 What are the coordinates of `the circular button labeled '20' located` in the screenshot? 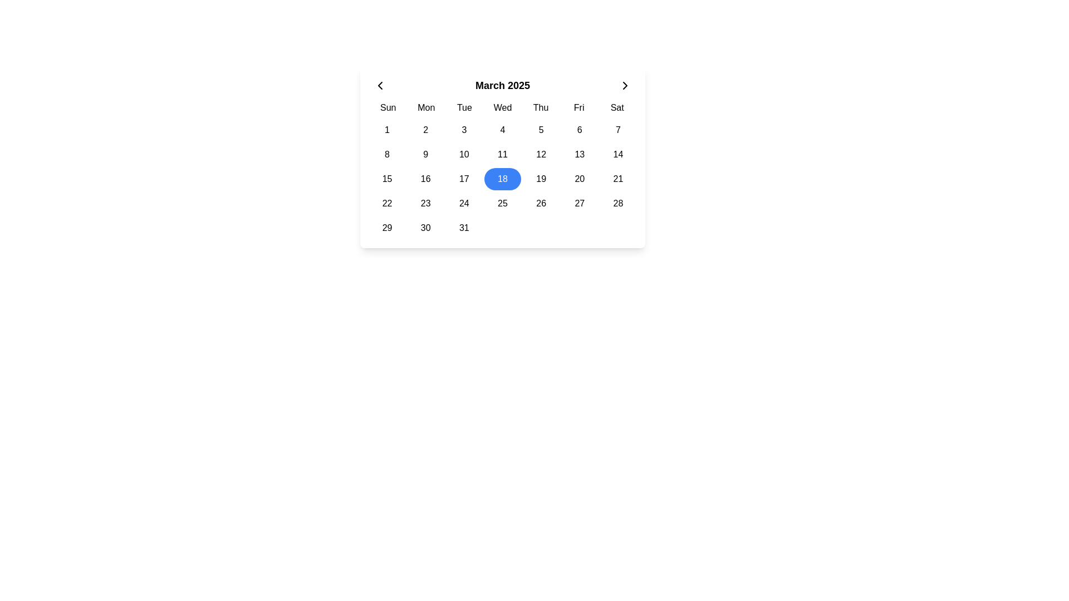 It's located at (579, 178).